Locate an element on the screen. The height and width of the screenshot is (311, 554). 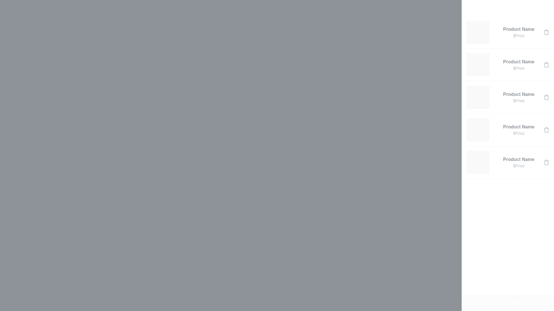
the interactive region surrounding the body of the trash can icon, which is a vertical rectangle with rounded corners, located at the end of the product row in the list is located at coordinates (546, 32).